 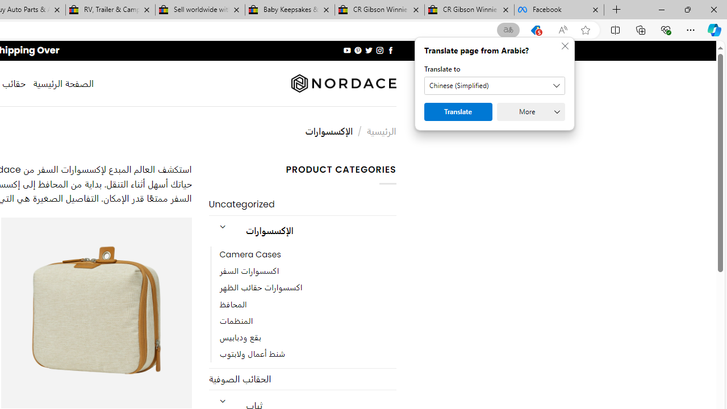 I want to click on 'This site has coupons! Shopping in Microsoft Edge, 5', so click(x=535, y=30).